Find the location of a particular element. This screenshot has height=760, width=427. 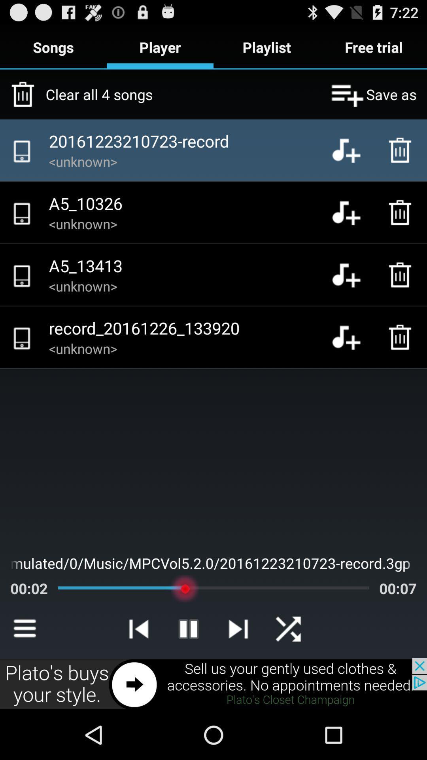

this button next is located at coordinates (213, 684).